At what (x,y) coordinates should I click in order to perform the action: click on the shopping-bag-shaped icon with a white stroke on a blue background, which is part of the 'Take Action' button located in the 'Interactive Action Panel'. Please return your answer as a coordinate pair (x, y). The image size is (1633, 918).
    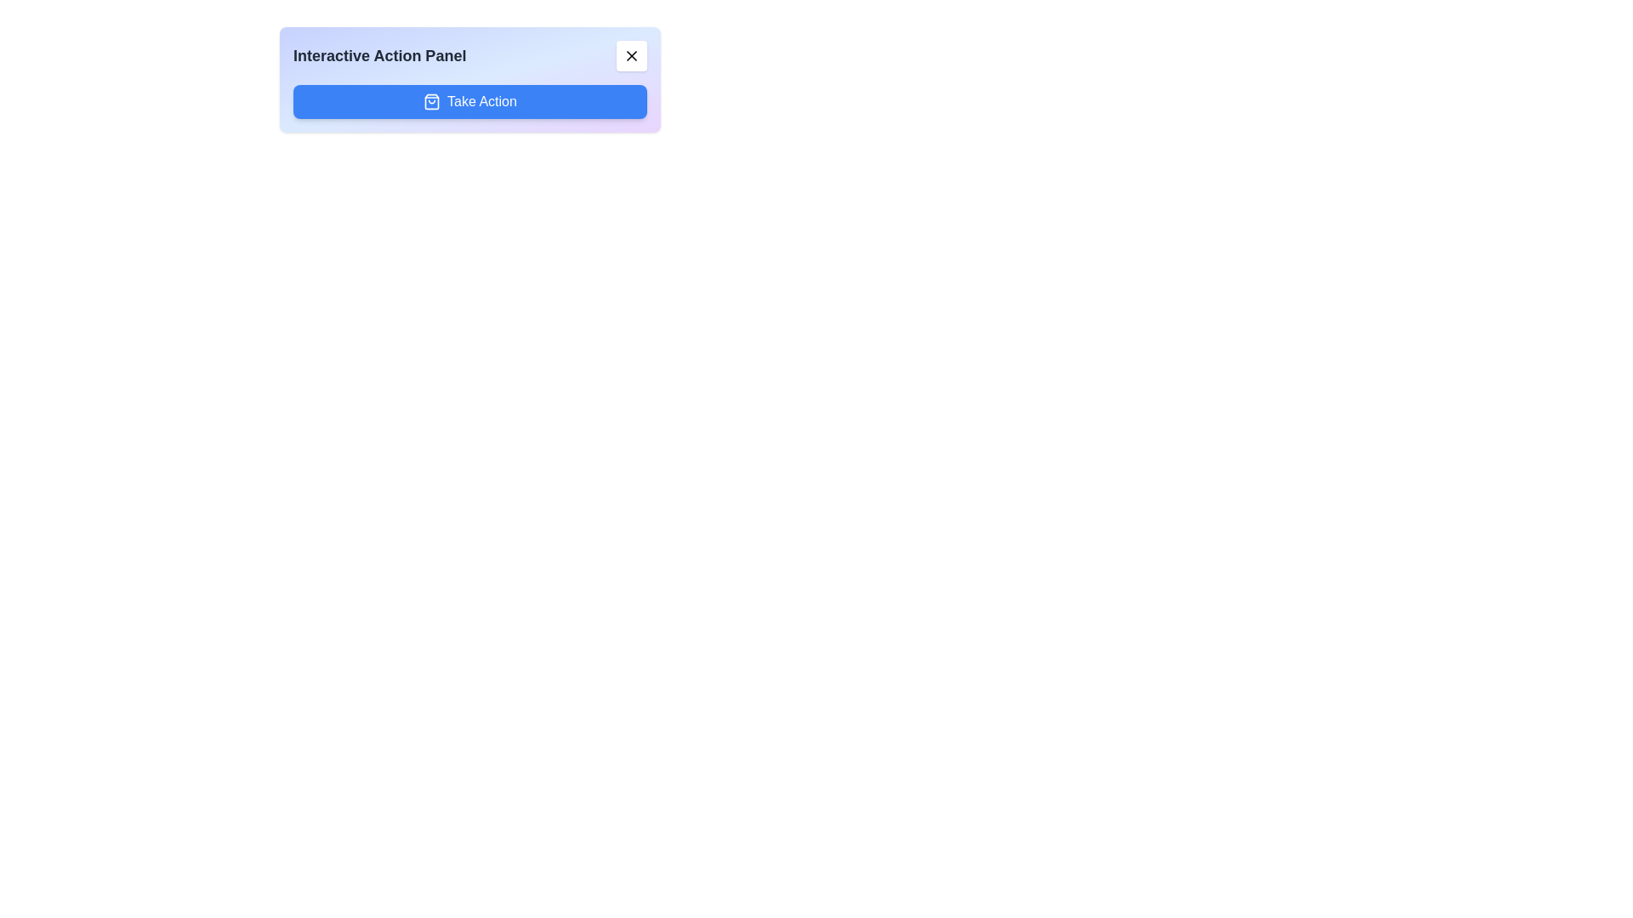
    Looking at the image, I should click on (432, 101).